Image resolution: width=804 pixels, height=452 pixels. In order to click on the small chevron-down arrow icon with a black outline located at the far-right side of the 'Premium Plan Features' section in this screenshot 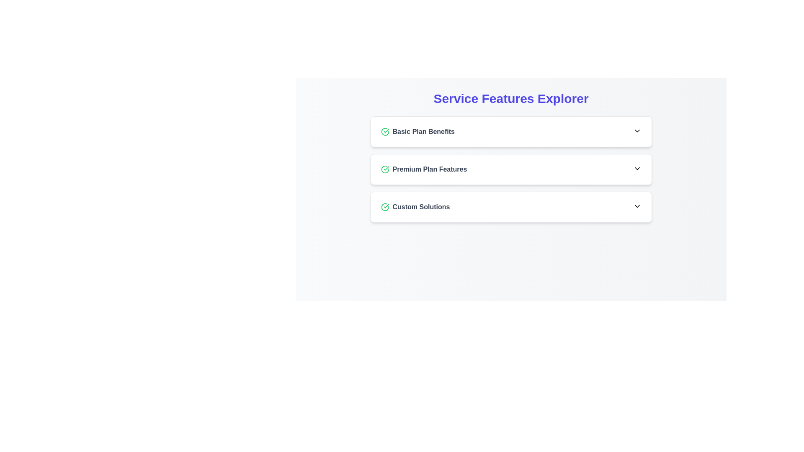, I will do `click(636, 168)`.